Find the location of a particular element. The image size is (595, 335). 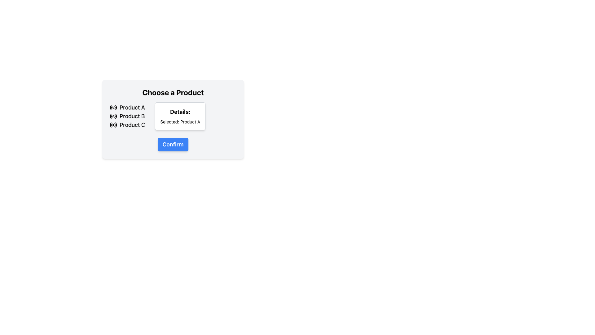

the outermost arc of the radio button component next to the label 'Product A' is located at coordinates (116, 107).